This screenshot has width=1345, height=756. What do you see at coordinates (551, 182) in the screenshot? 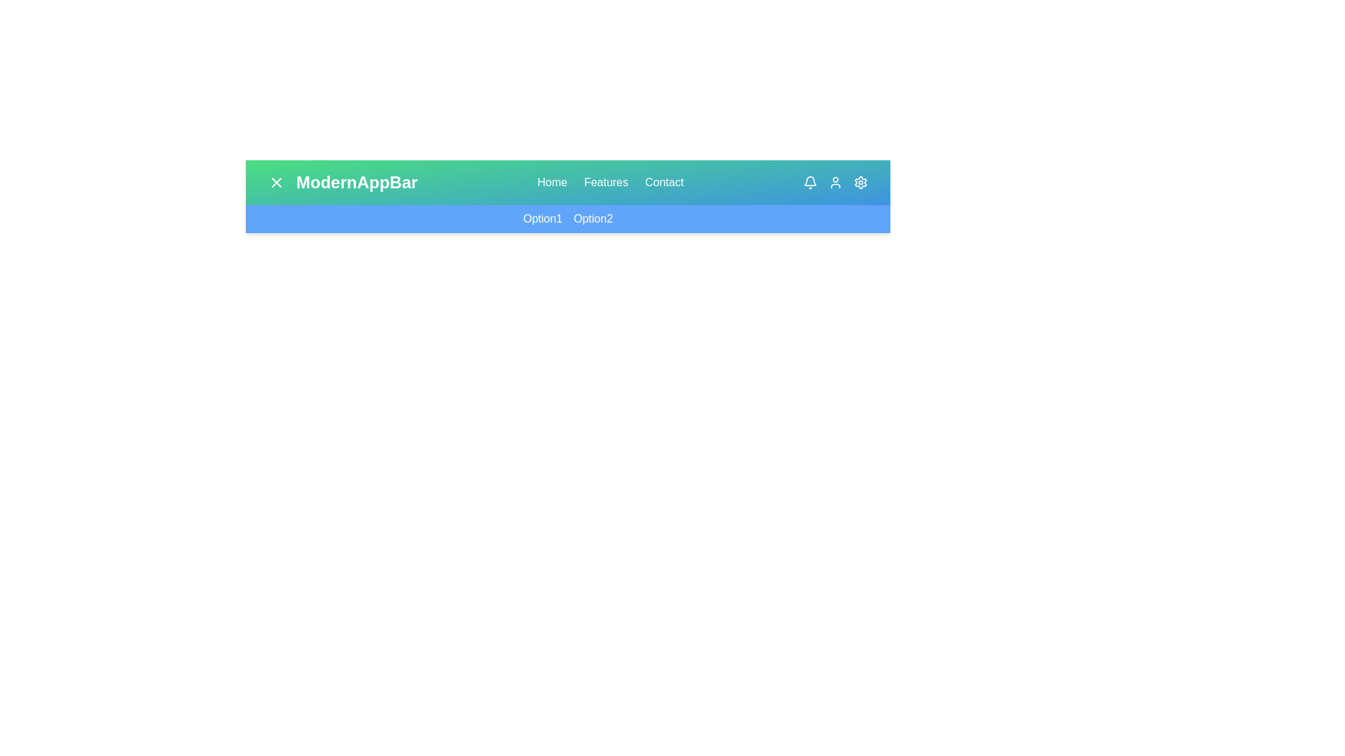
I see `the navigation link Home` at bounding box center [551, 182].